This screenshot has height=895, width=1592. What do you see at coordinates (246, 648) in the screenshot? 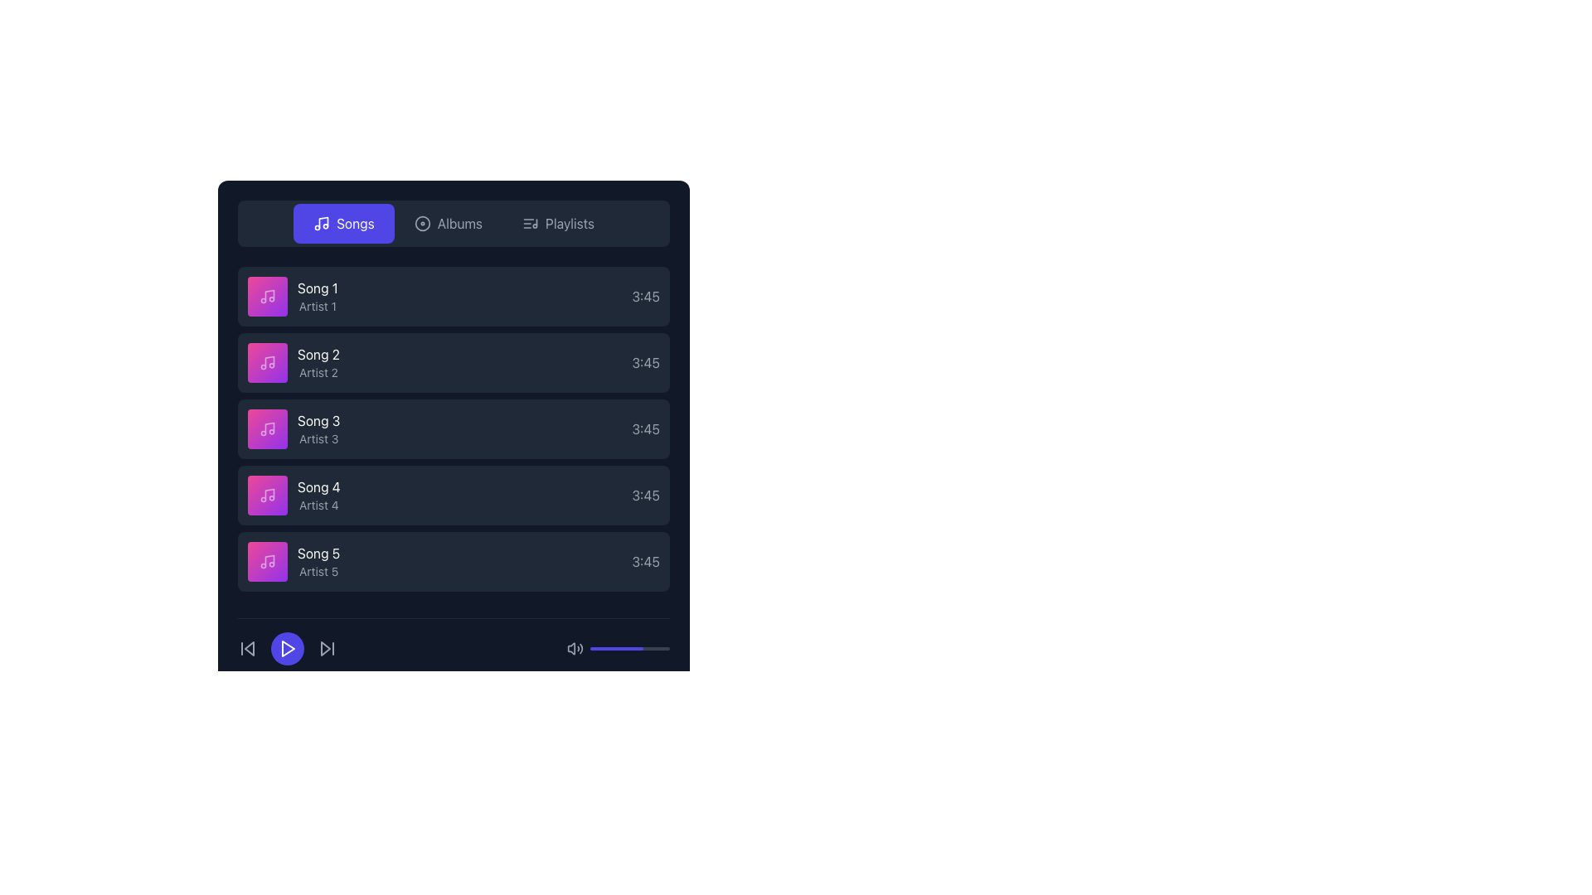
I see `the previous track button located in the bottom-left corner of the playback controls to change its icon color` at bounding box center [246, 648].